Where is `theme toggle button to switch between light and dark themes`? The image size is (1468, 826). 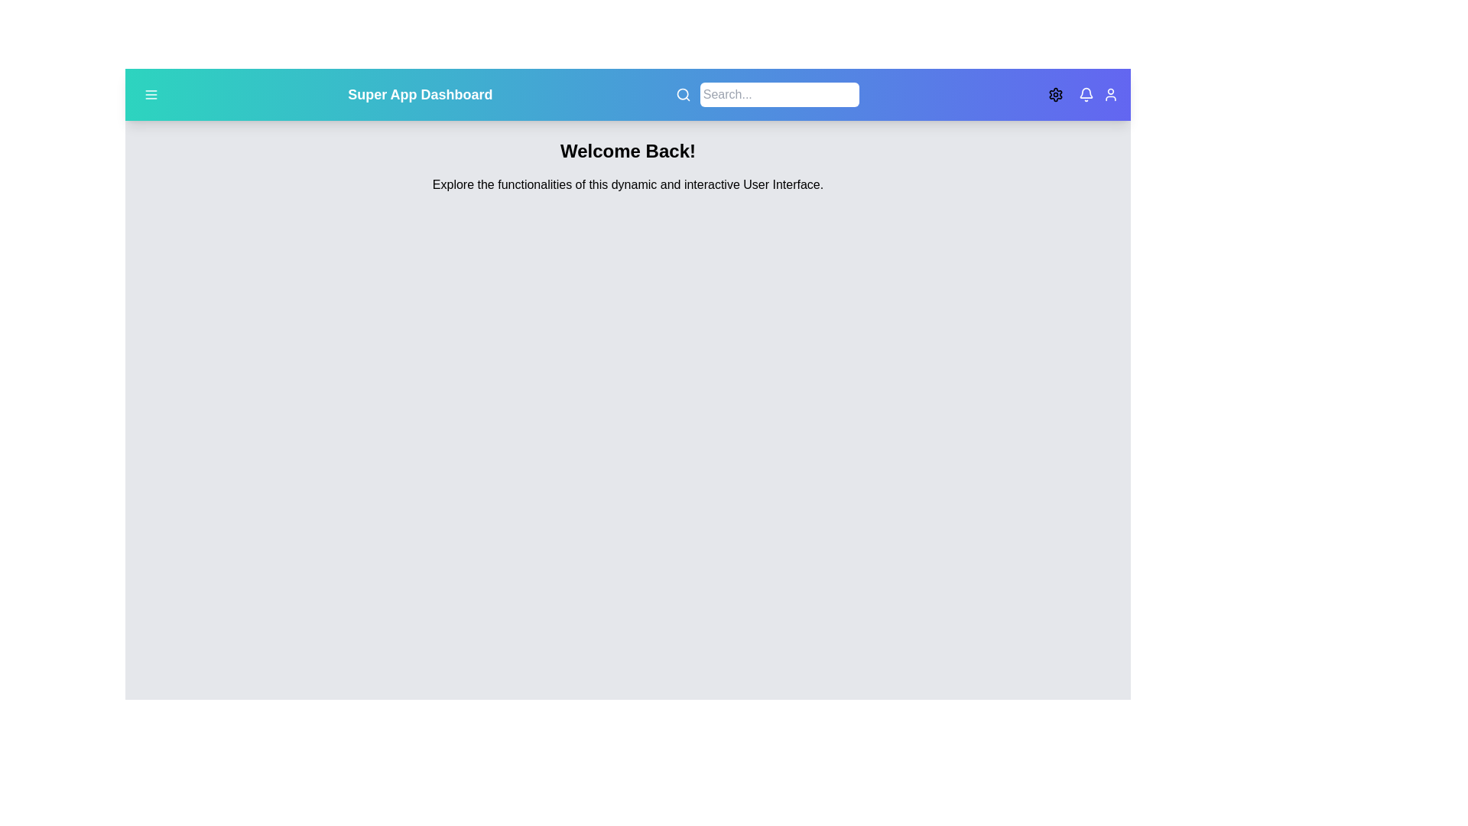
theme toggle button to switch between light and dark themes is located at coordinates (1055, 94).